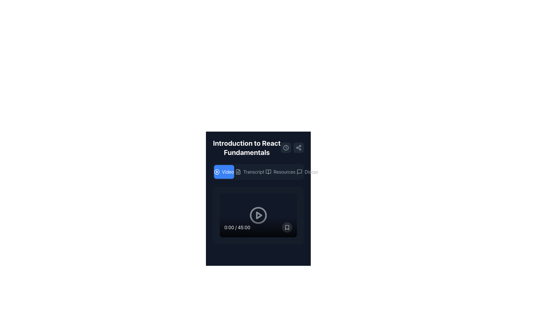 The width and height of the screenshot is (553, 311). I want to click on the text label that is the second item in the horizontal button bar, located immediately to the right of the 'Video' item, so click(253, 172).